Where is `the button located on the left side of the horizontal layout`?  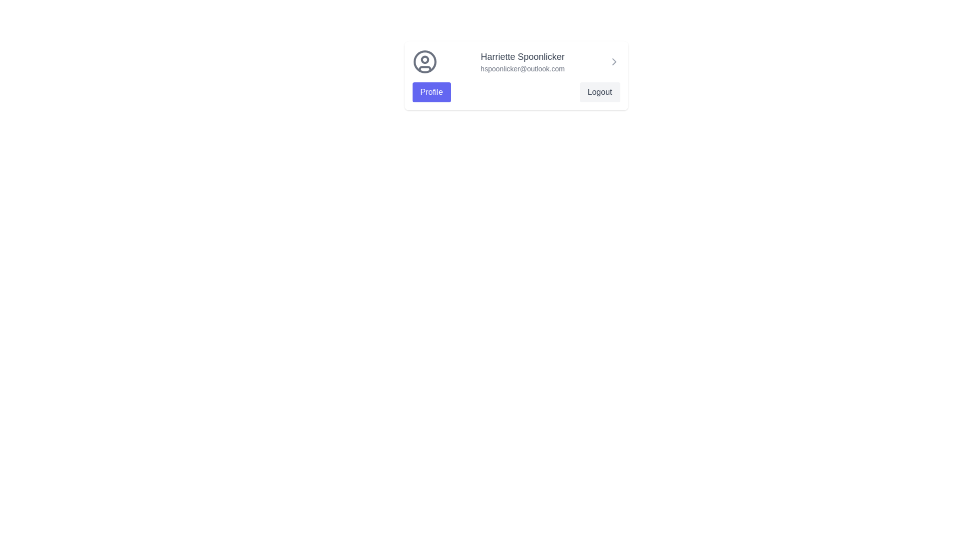 the button located on the left side of the horizontal layout is located at coordinates (432, 92).